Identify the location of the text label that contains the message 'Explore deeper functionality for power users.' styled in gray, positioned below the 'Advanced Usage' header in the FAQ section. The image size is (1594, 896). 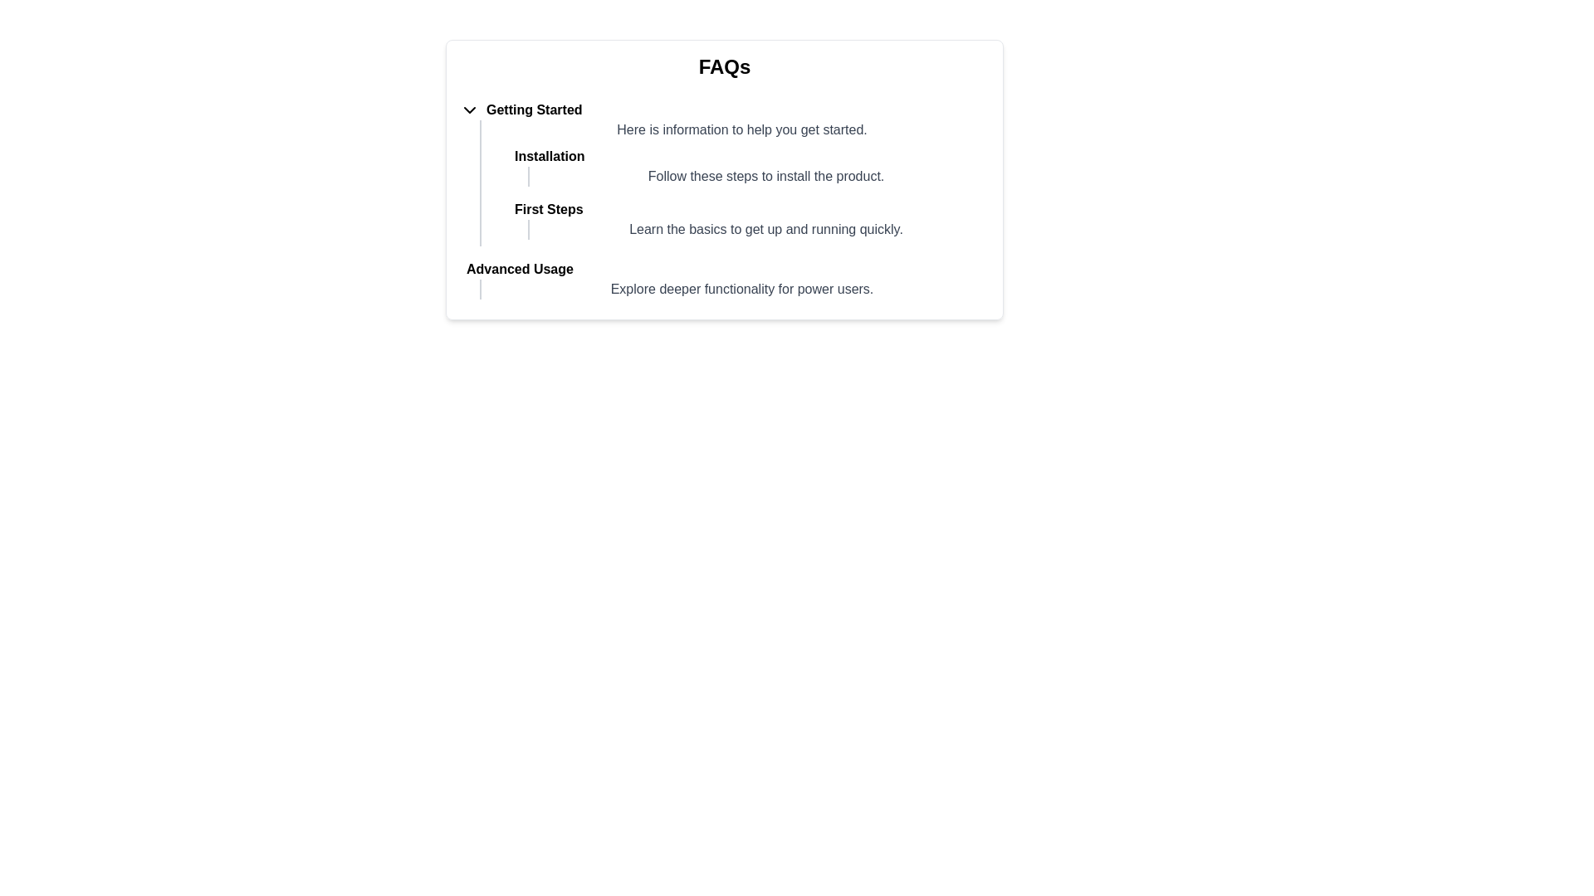
(733, 288).